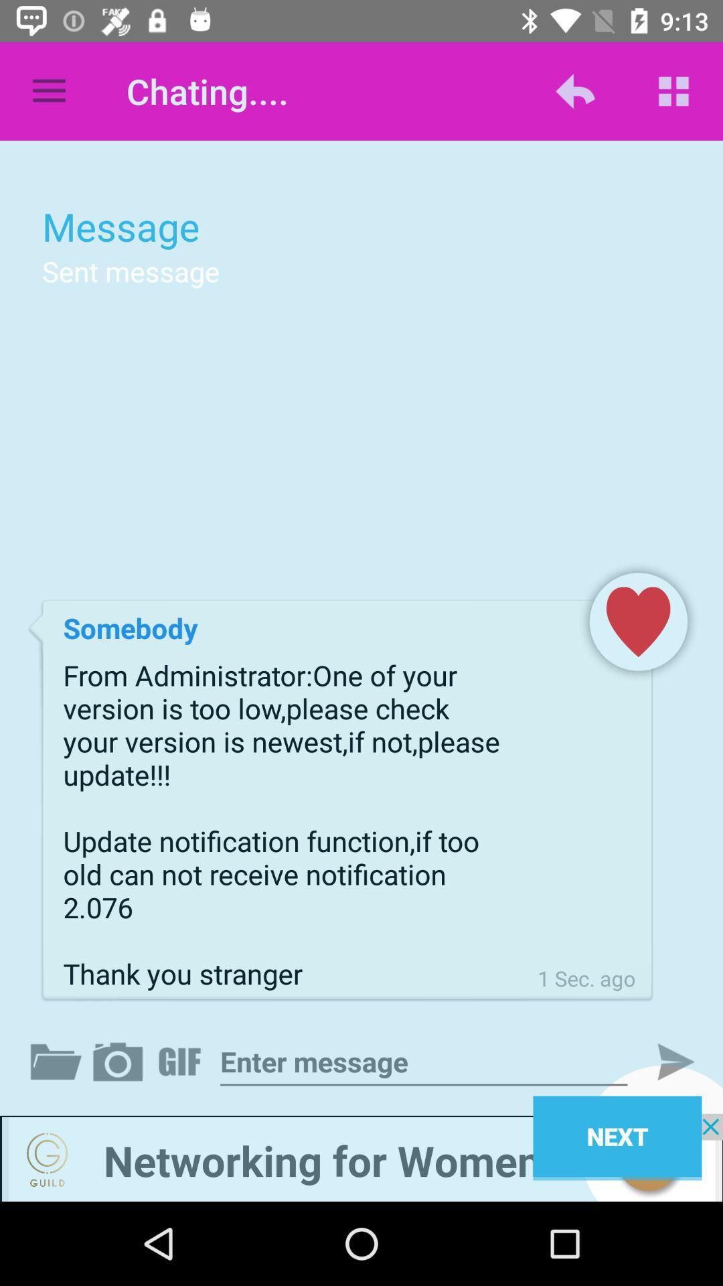 The width and height of the screenshot is (723, 1286). What do you see at coordinates (58, 1061) in the screenshot?
I see `open folder` at bounding box center [58, 1061].